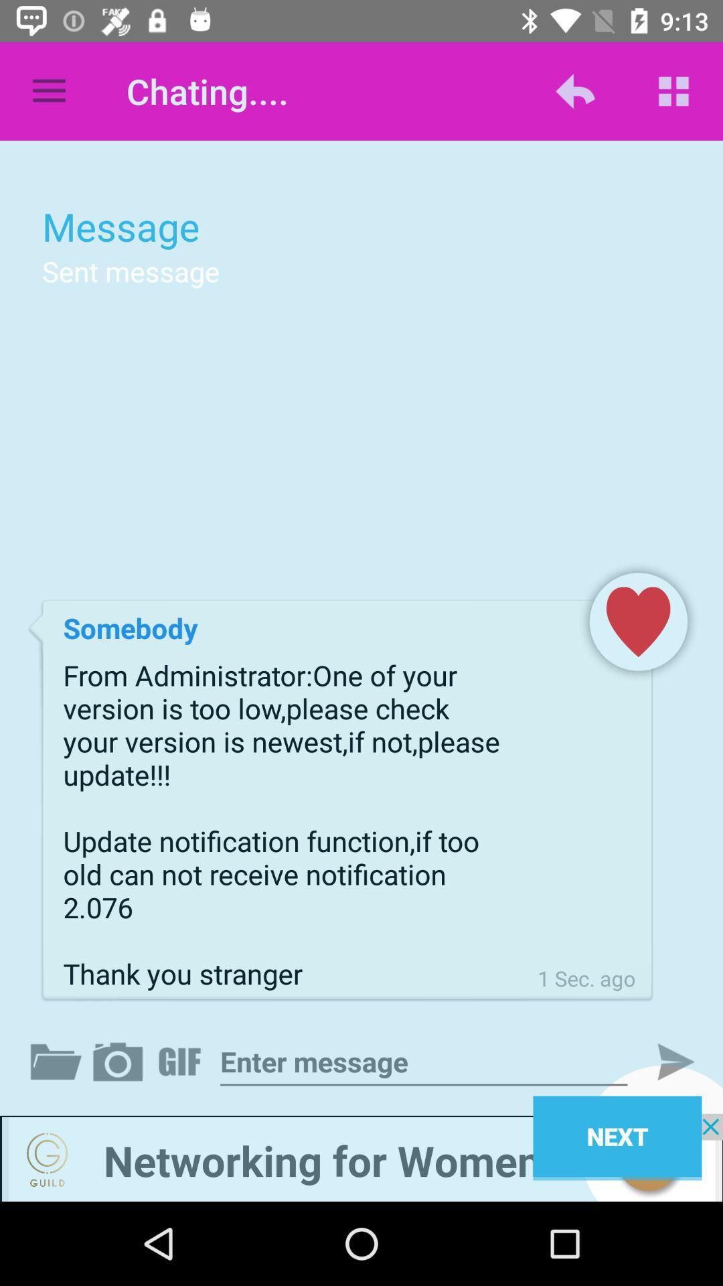 The width and height of the screenshot is (723, 1286). What do you see at coordinates (58, 1061) in the screenshot?
I see `open folder` at bounding box center [58, 1061].